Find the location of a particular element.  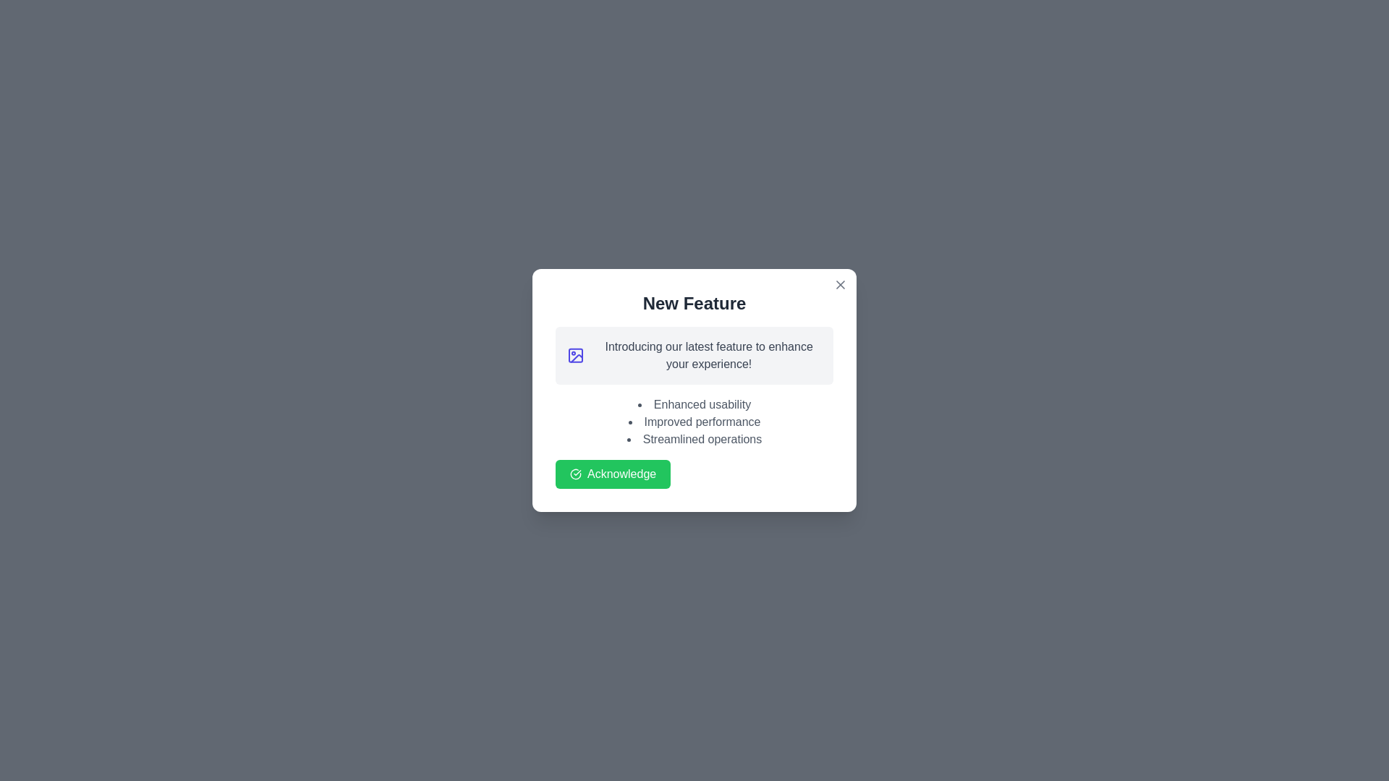

the icon that visually enhances the 'Acknowledge' button, located on the left-hand side of the button in the 'New Feature' dialog box is located at coordinates (575, 474).